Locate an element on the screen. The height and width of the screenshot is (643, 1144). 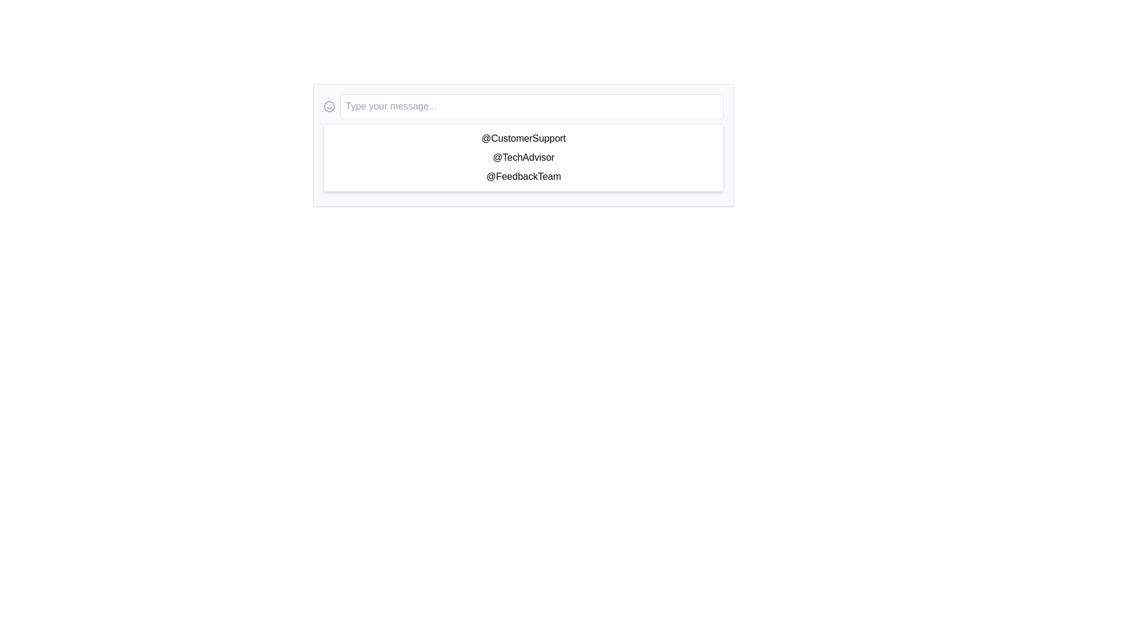
the text label '@CustomerSupport' which is the first item in a vertical list of options is located at coordinates (523, 138).